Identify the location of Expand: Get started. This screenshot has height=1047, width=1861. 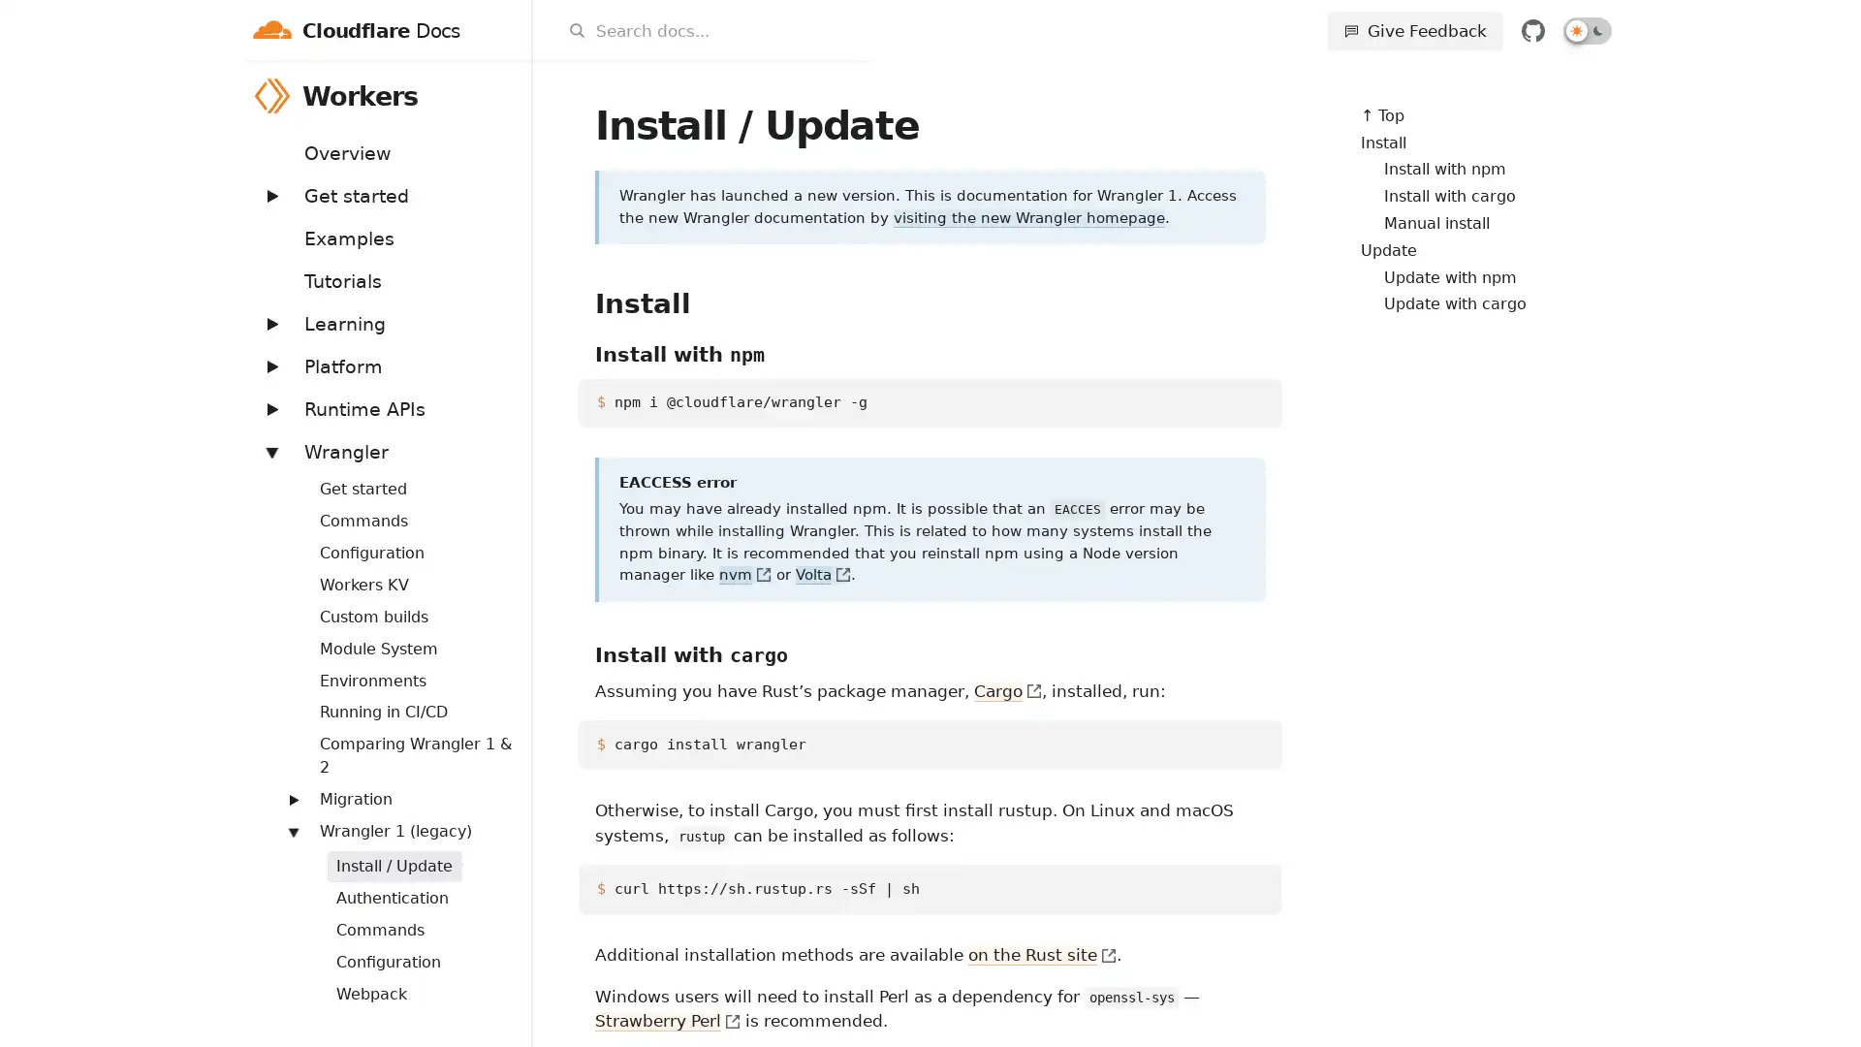
(269, 195).